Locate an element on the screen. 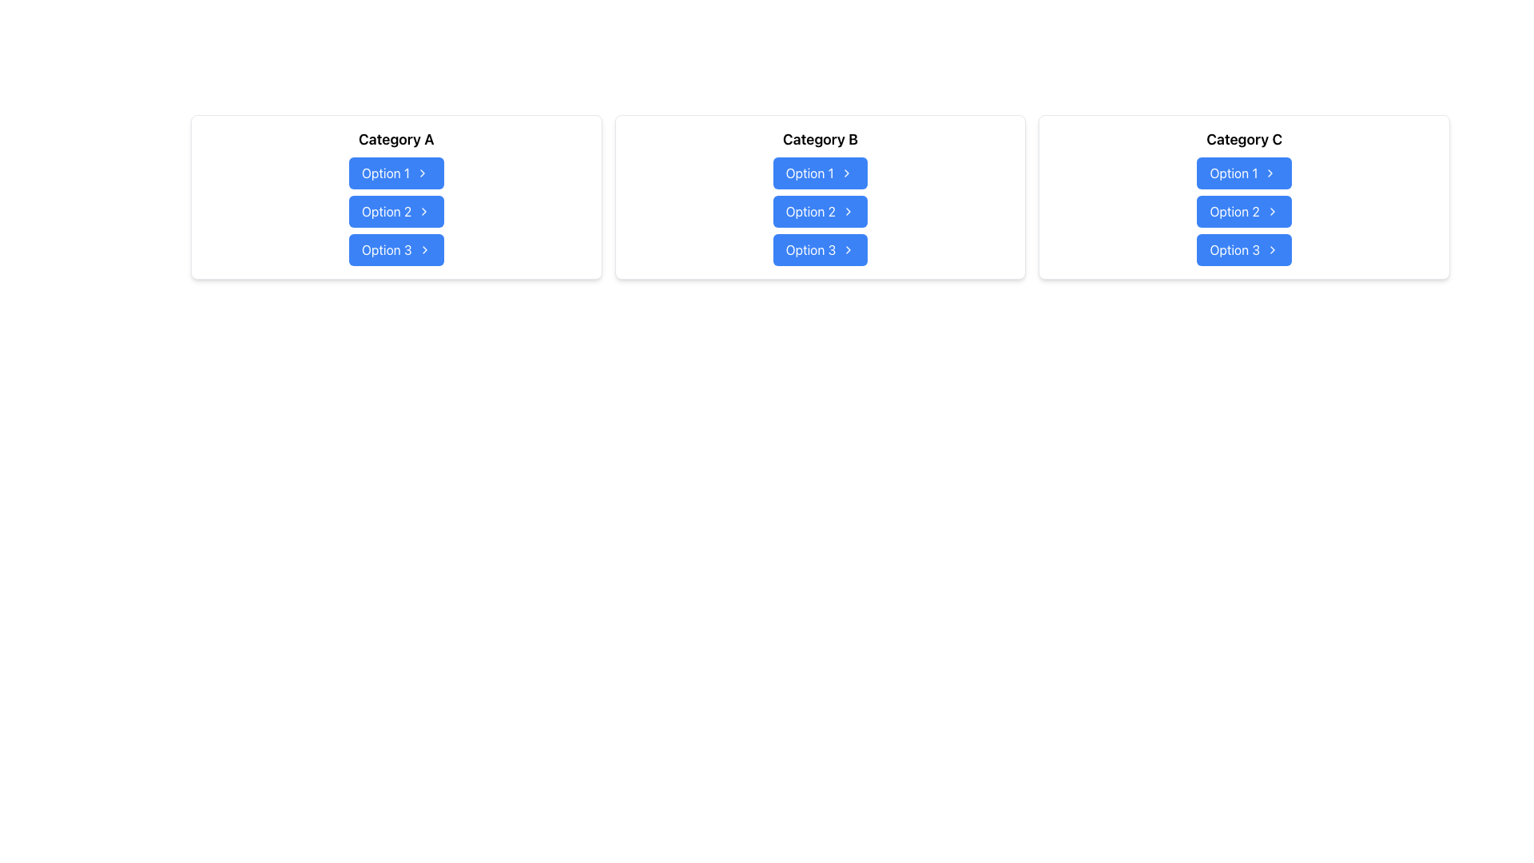  the heading text 'Category C' located at the top of the third card from the left, which is styled in bold and larger font, above a list of blue buttons is located at coordinates (1243, 138).